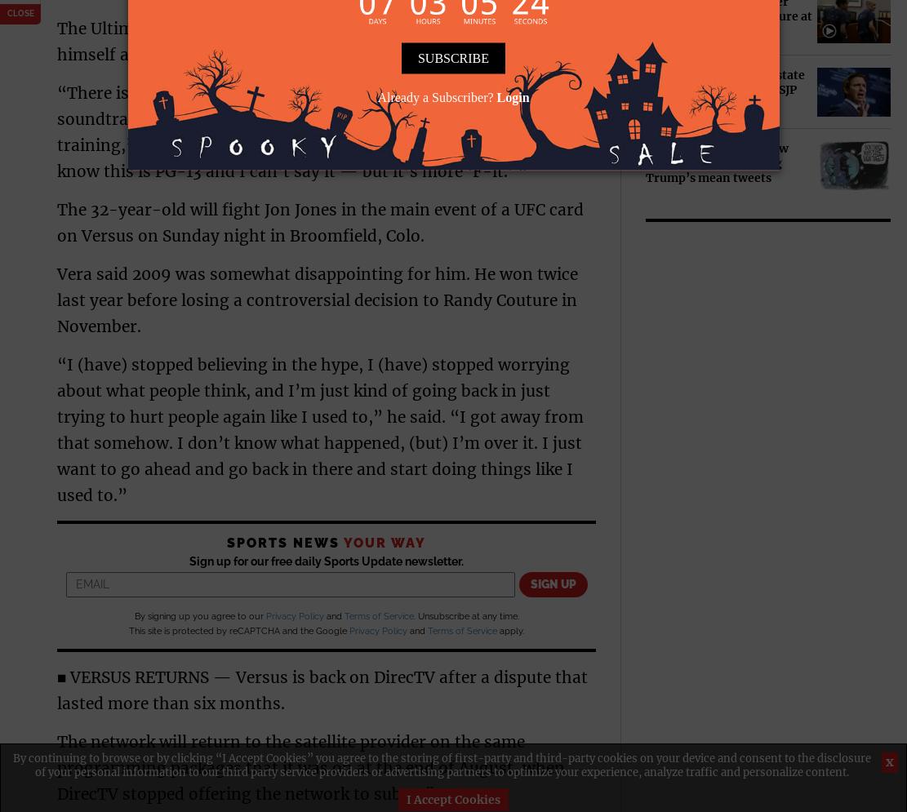 This screenshot has height=812, width=907. I want to click on 'Login', so click(513, 95).